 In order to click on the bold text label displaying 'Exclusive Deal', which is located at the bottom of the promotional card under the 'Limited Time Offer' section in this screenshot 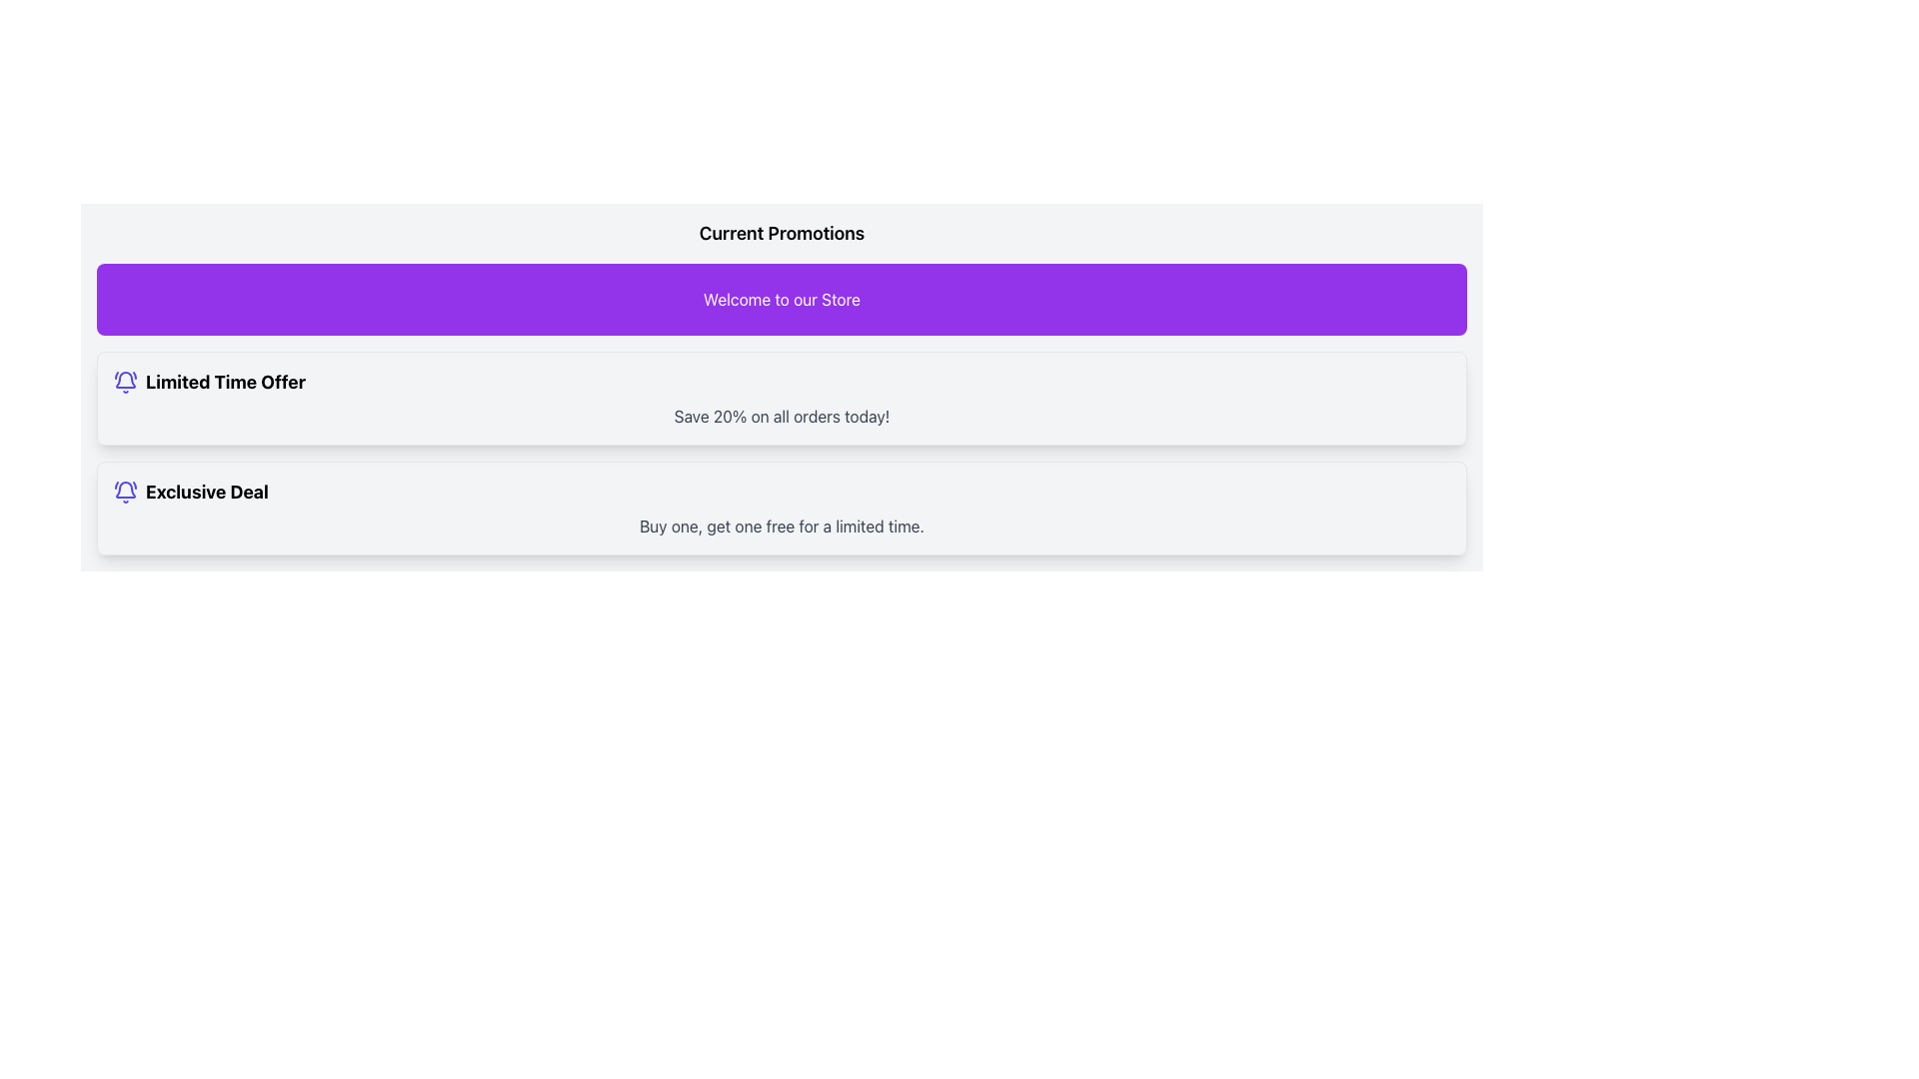, I will do `click(207, 493)`.